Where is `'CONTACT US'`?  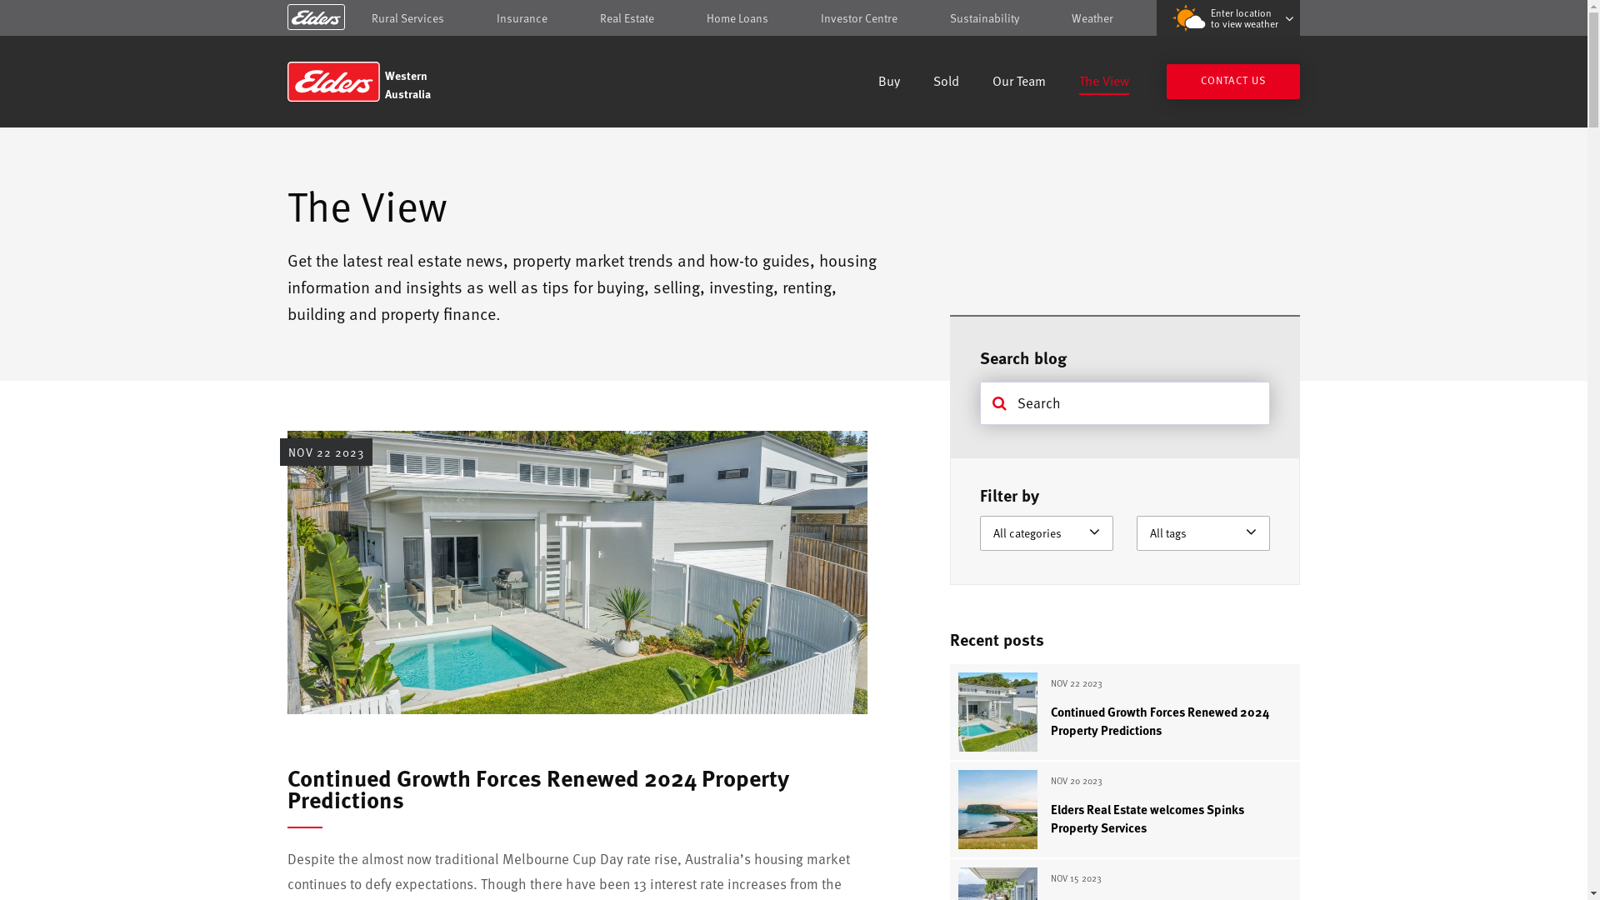
'CONTACT US' is located at coordinates (1232, 81).